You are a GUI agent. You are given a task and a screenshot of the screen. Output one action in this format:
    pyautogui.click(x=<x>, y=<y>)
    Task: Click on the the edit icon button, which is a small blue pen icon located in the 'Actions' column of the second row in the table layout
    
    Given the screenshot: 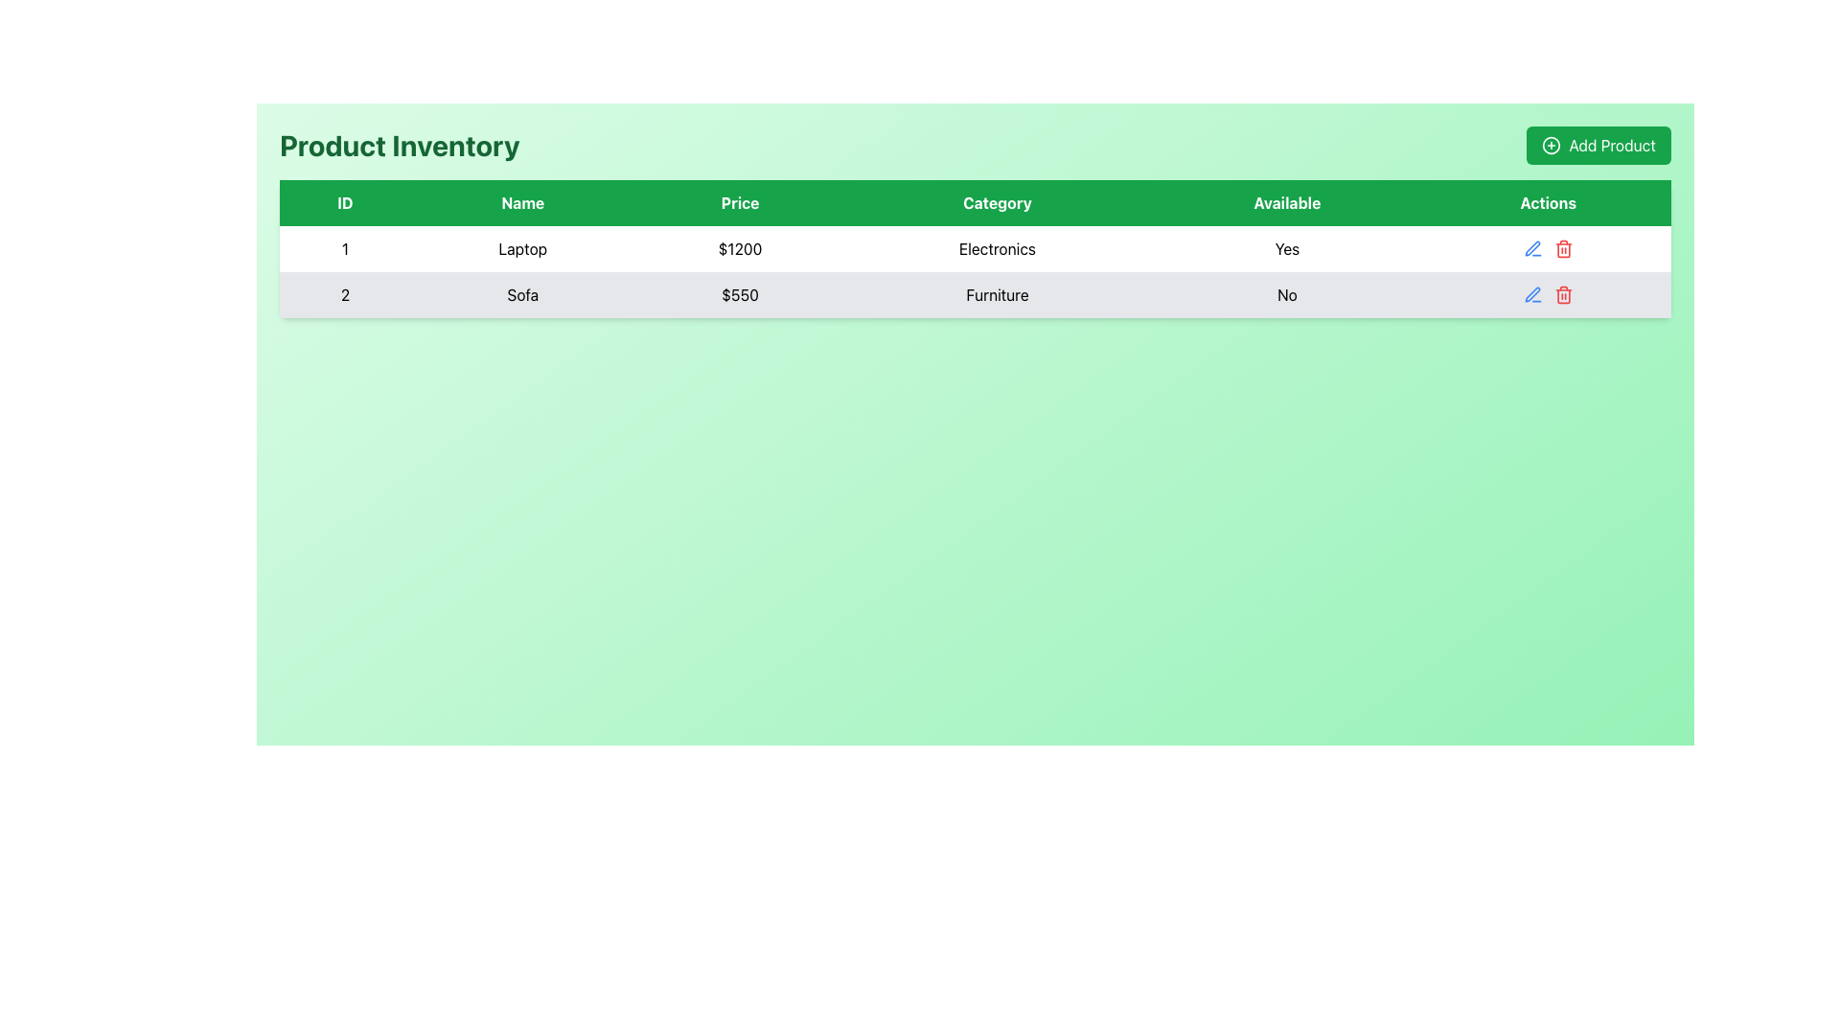 What is the action you would take?
    pyautogui.click(x=1531, y=247)
    